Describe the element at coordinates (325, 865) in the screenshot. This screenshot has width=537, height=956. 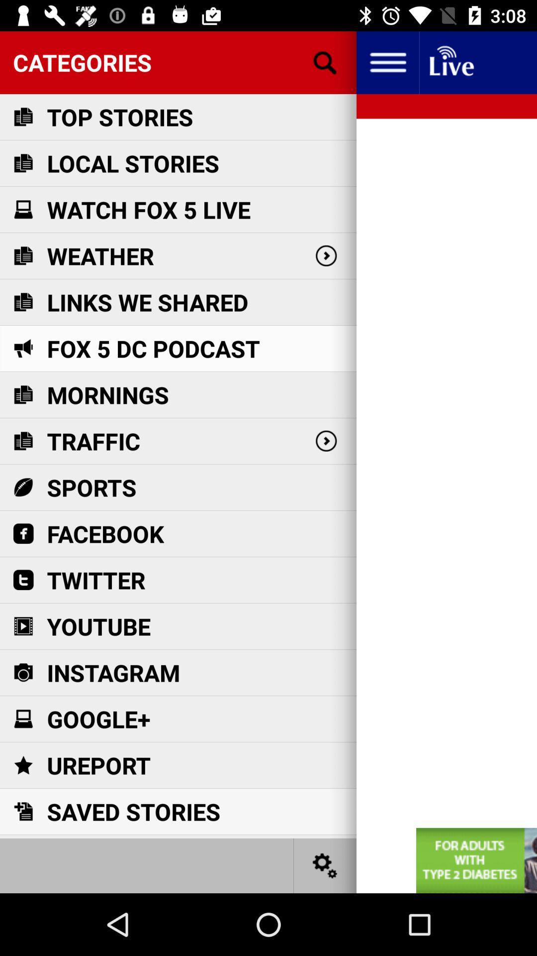
I see `the settings icon` at that location.